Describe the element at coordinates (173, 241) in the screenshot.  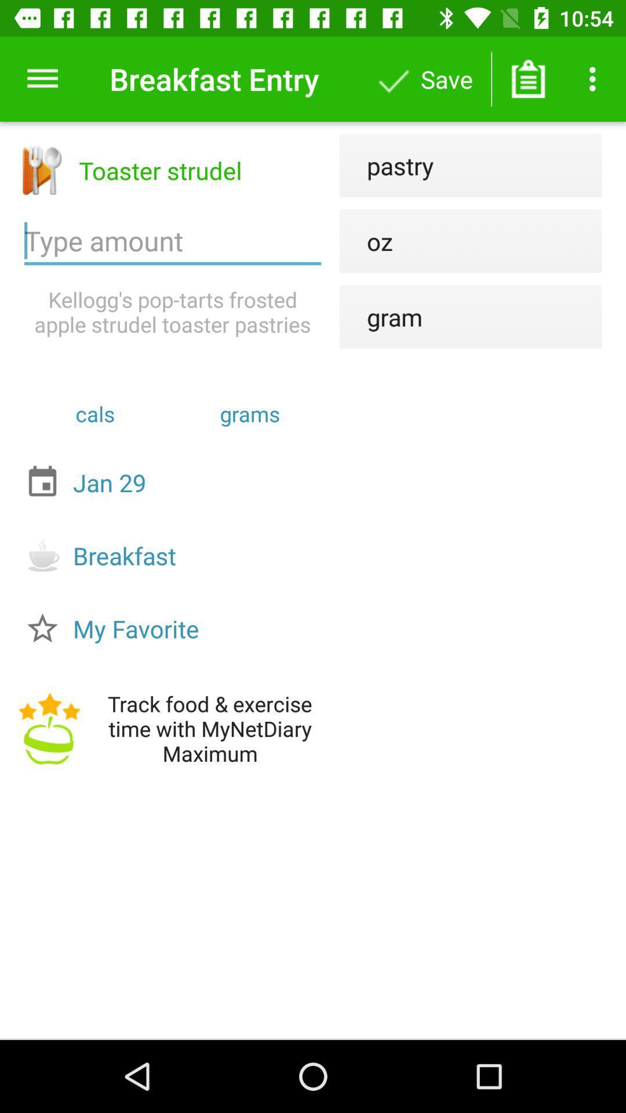
I see `amount eaten` at that location.